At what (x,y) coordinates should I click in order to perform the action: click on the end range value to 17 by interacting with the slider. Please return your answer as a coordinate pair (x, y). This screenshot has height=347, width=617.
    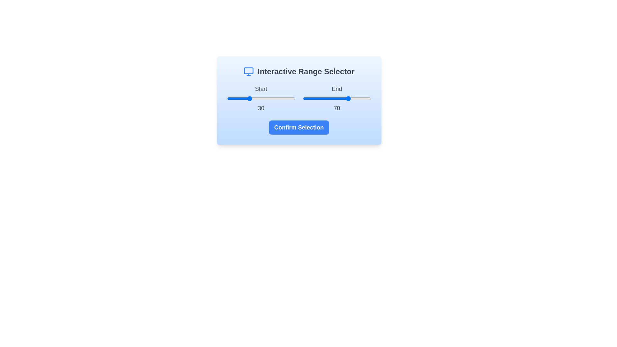
    Looking at the image, I should click on (314, 99).